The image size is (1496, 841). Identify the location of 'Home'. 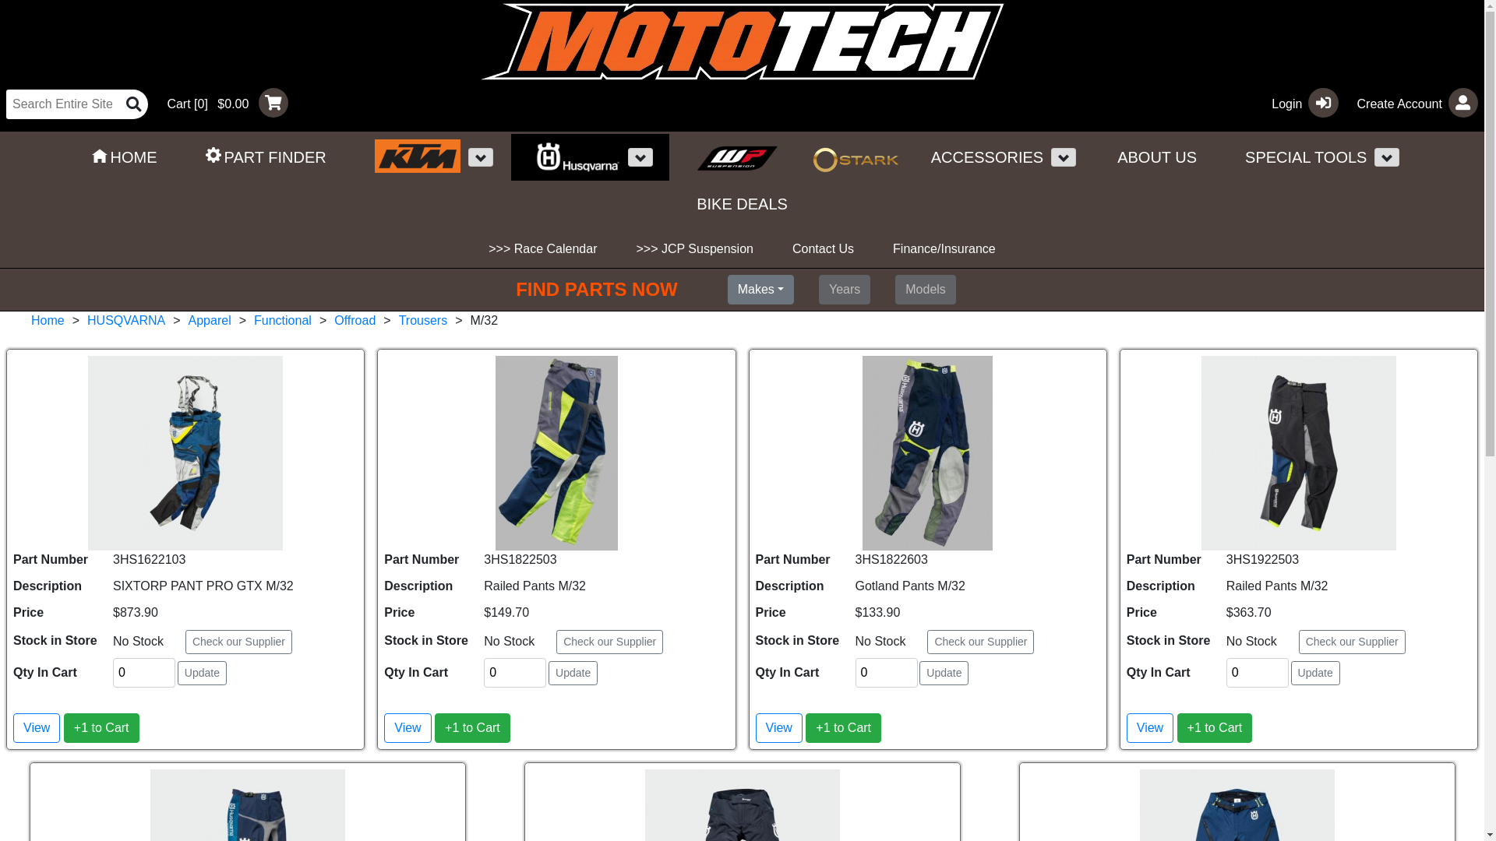
(30, 319).